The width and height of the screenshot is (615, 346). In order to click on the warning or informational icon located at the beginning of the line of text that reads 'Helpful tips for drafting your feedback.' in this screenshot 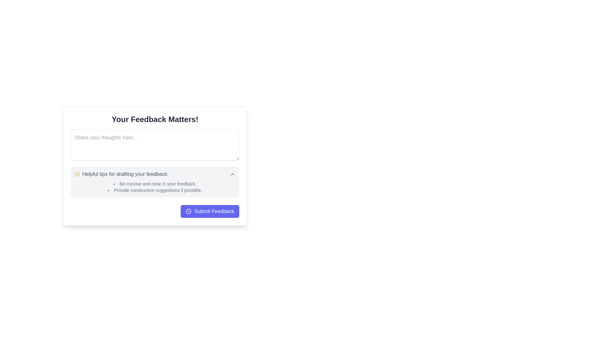, I will do `click(77, 174)`.